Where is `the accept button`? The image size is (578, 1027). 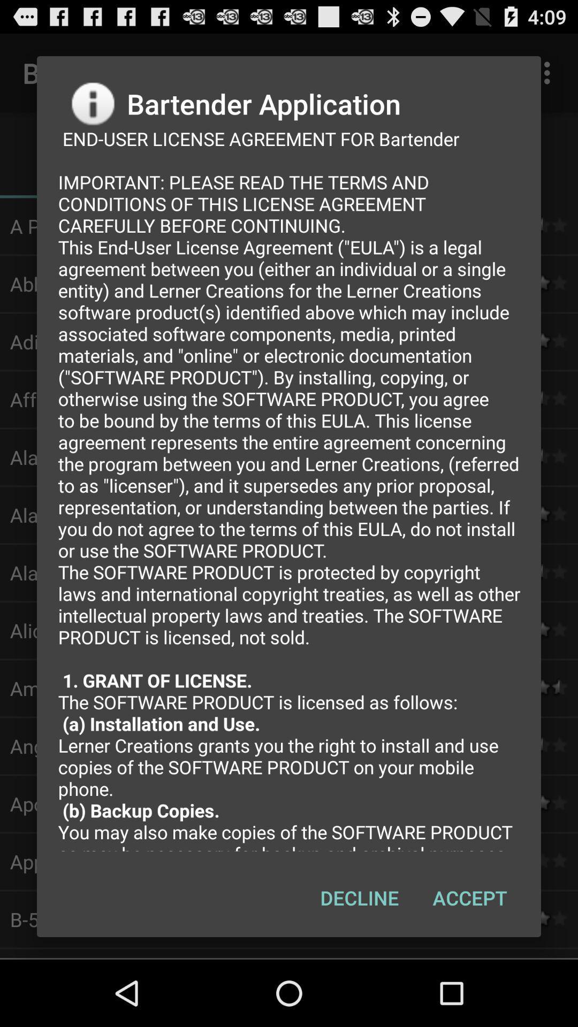
the accept button is located at coordinates (469, 898).